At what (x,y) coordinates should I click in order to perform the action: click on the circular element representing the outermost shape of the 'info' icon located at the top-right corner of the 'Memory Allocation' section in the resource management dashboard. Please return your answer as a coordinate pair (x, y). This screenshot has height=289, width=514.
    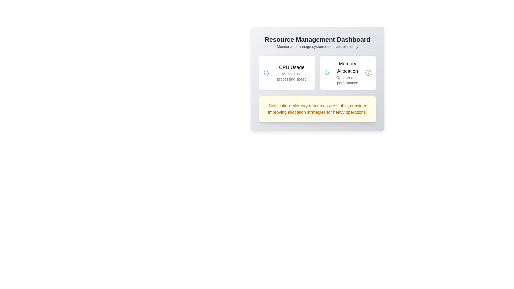
    Looking at the image, I should click on (368, 73).